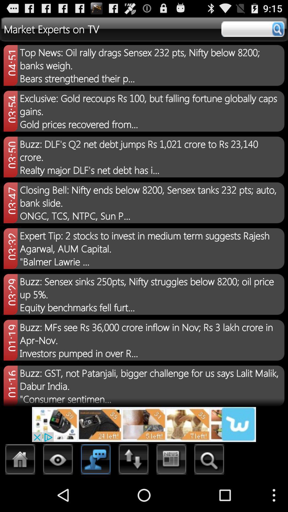 The height and width of the screenshot is (512, 288). I want to click on opens the news, so click(171, 461).